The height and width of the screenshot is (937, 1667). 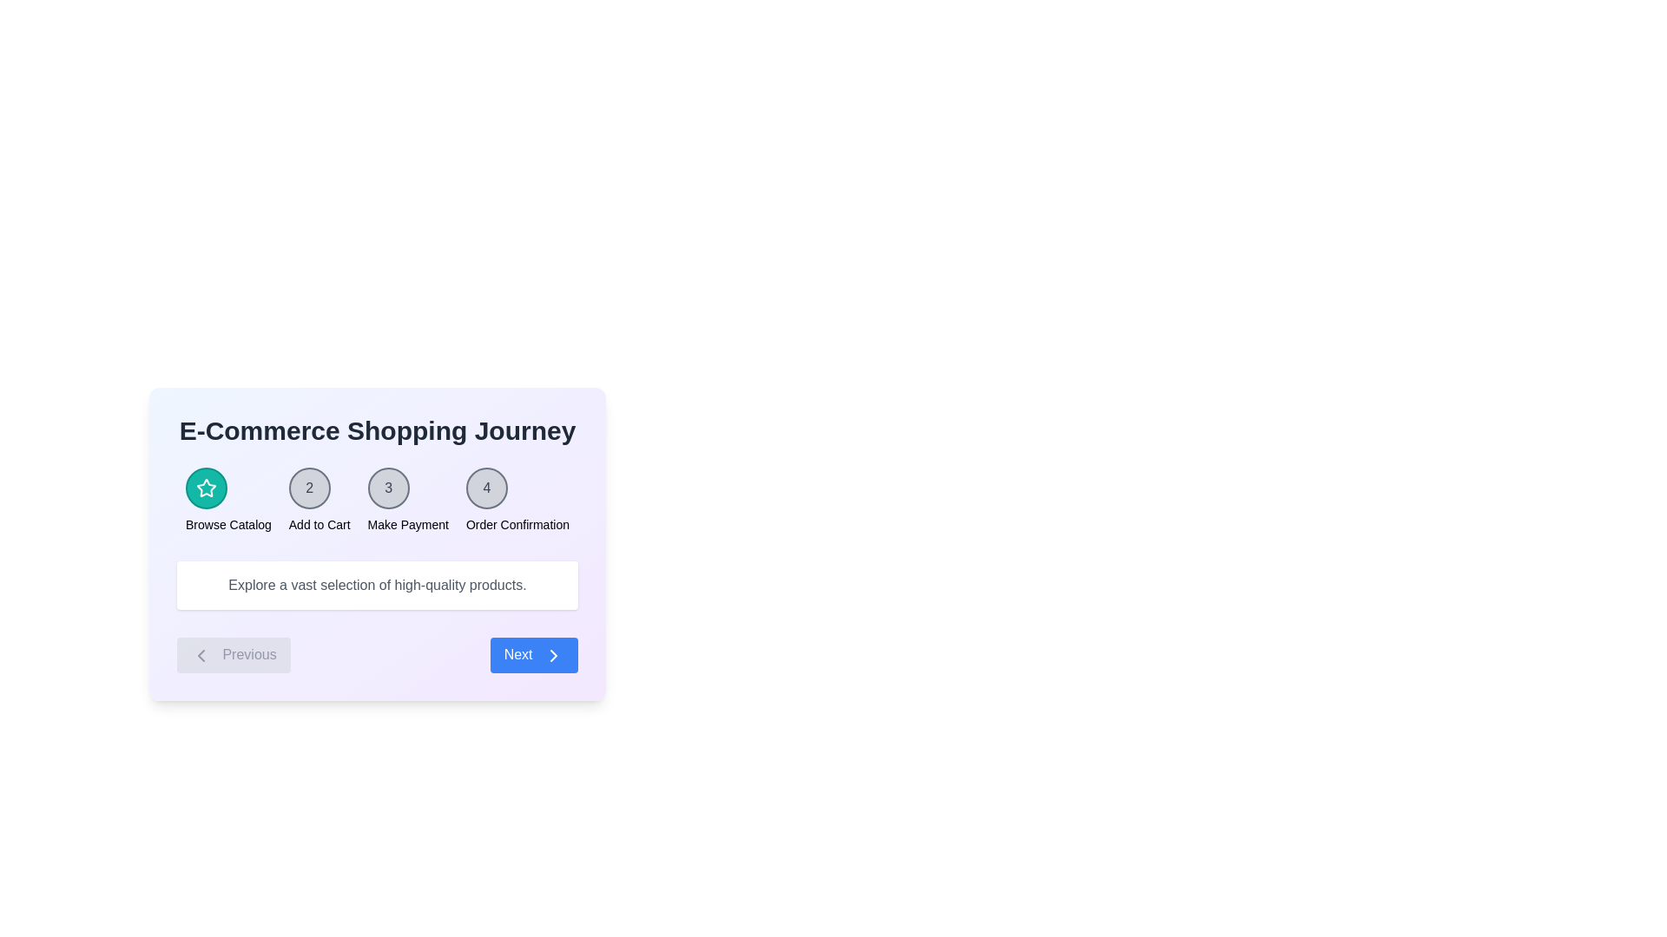 I want to click on the second step indicator component which represents the 'Add to Cart' step in the e-commerce workflow, so click(x=320, y=501).